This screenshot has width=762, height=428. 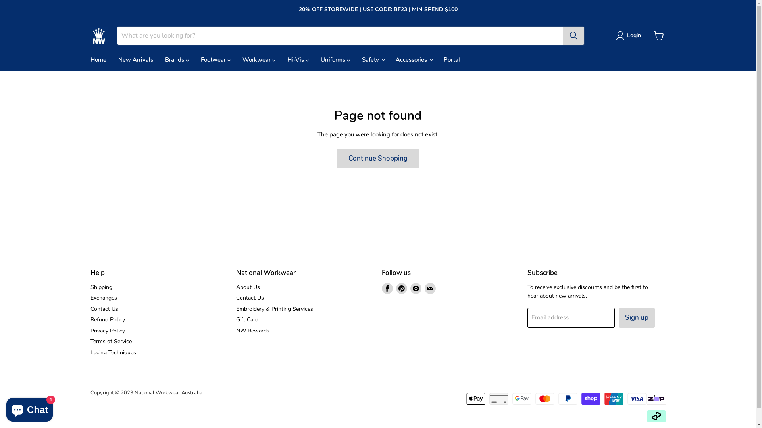 What do you see at coordinates (97, 59) in the screenshot?
I see `'Home'` at bounding box center [97, 59].